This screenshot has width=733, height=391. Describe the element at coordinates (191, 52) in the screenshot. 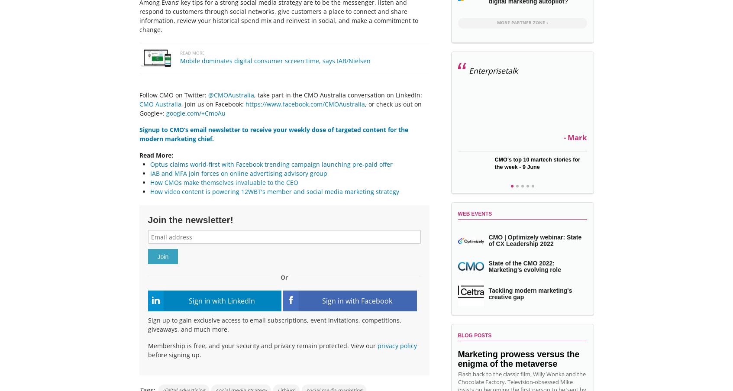

I see `'Read more'` at that location.